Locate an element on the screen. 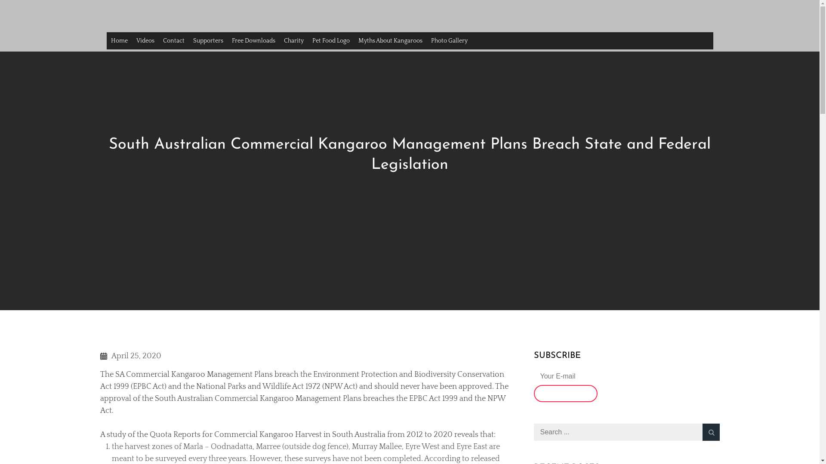 The width and height of the screenshot is (826, 464). 'Home' is located at coordinates (106, 41).